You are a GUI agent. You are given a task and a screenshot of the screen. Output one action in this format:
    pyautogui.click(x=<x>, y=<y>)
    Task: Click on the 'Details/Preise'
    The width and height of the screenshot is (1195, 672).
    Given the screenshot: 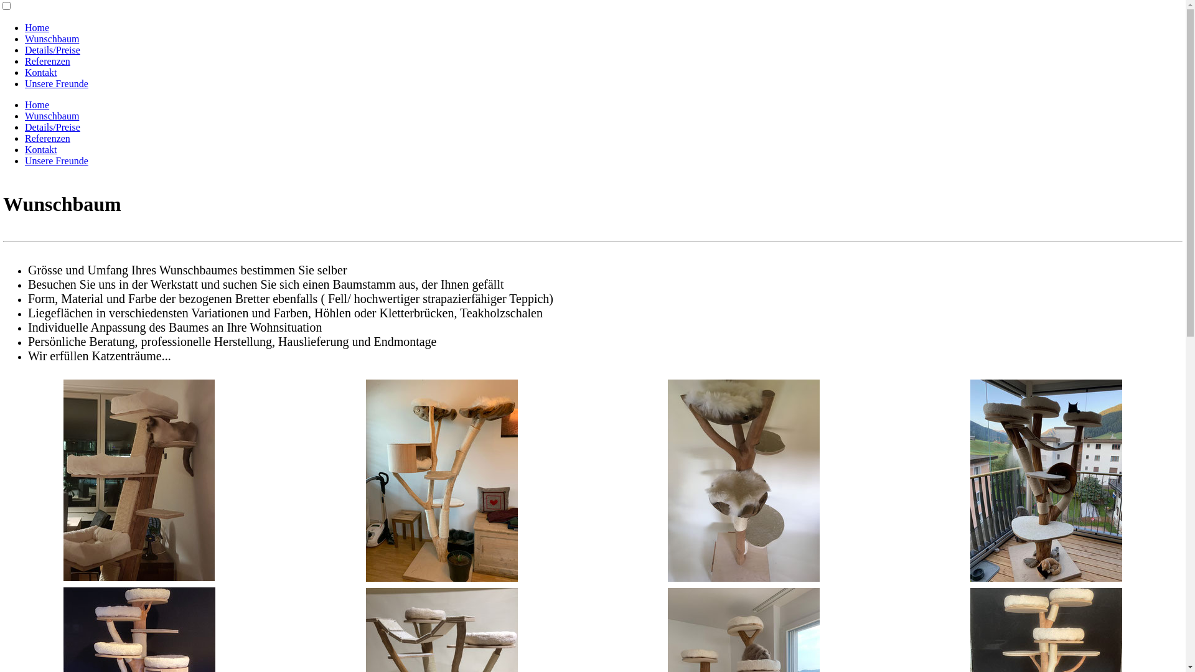 What is the action you would take?
    pyautogui.click(x=52, y=49)
    